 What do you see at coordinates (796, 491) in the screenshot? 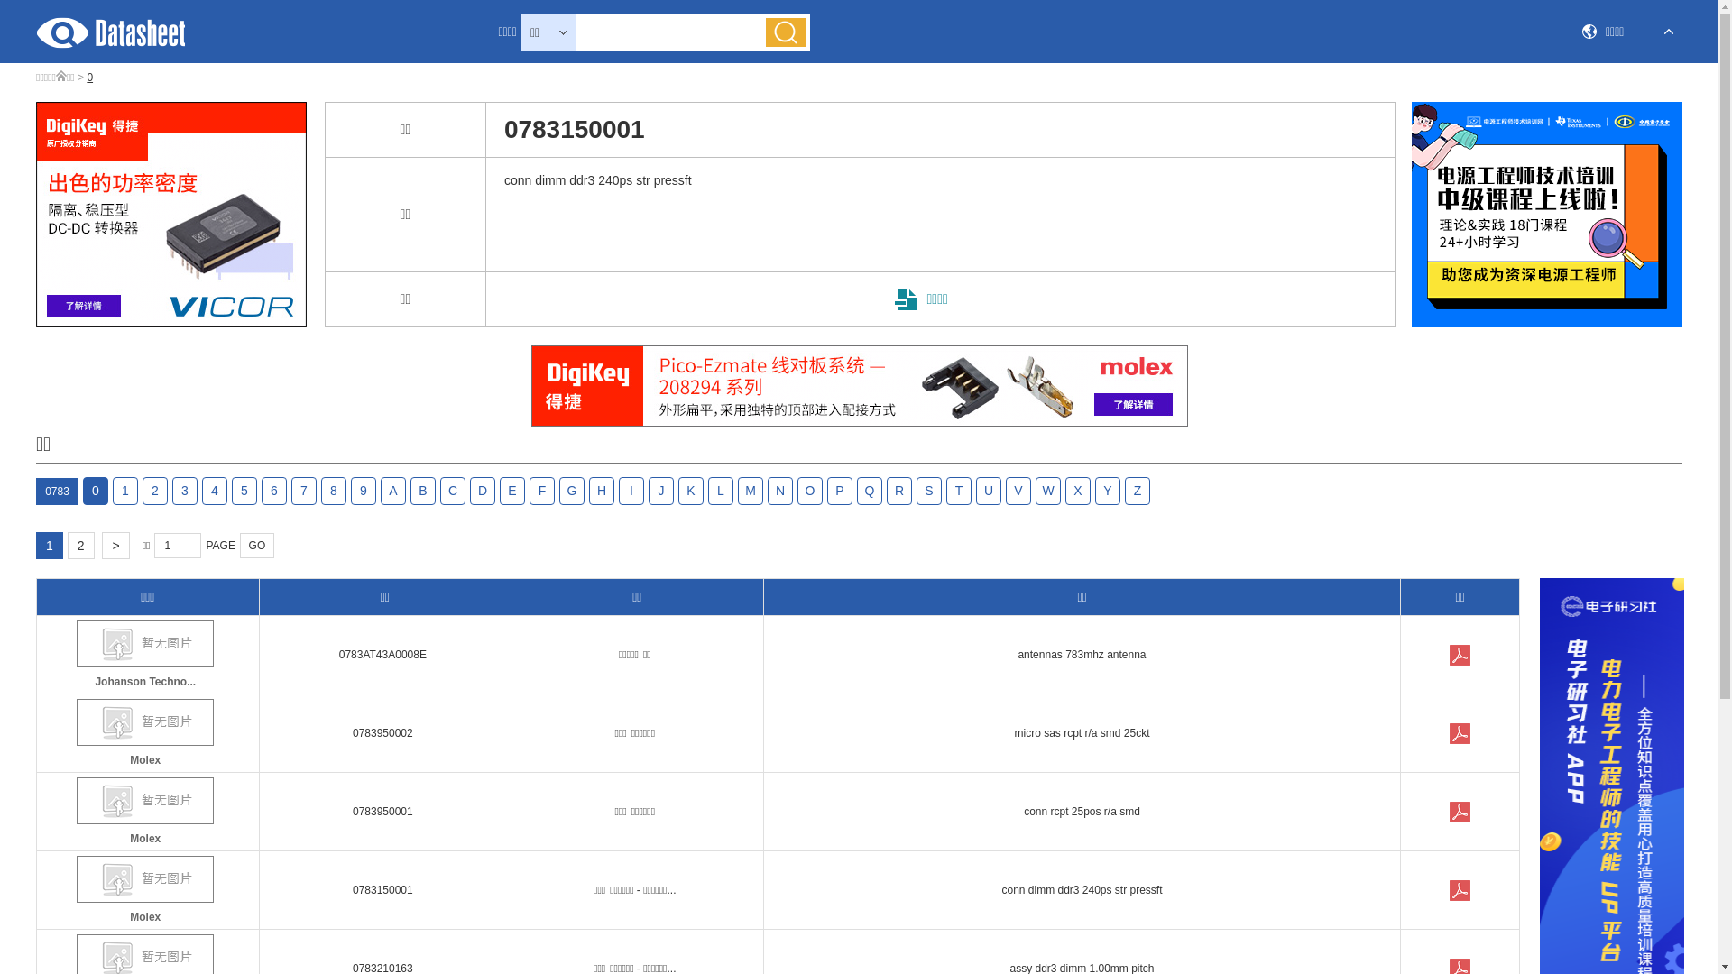
I see `'O'` at bounding box center [796, 491].